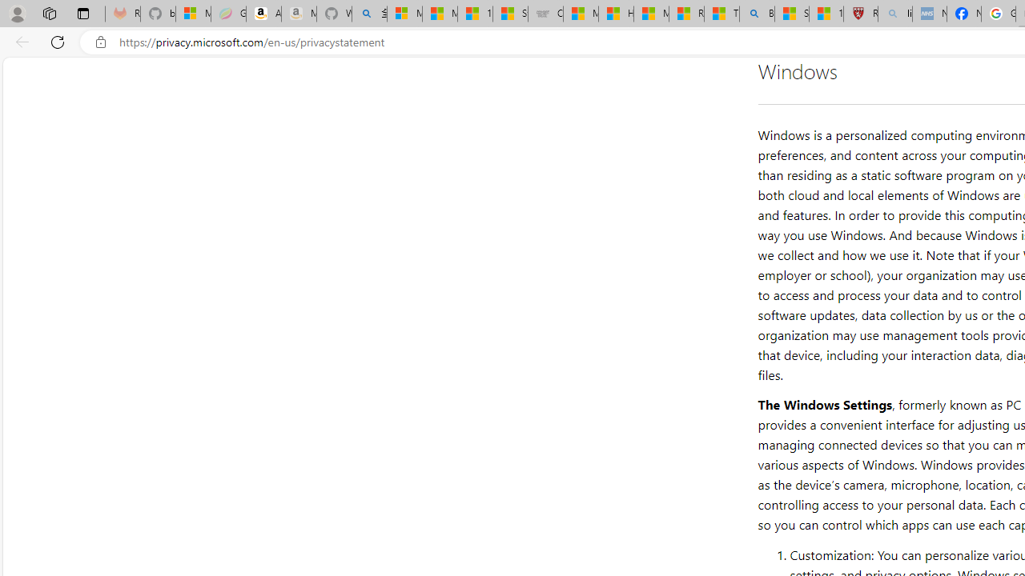 The image size is (1025, 576). What do you see at coordinates (686, 14) in the screenshot?
I see `'Recipes - MSN'` at bounding box center [686, 14].